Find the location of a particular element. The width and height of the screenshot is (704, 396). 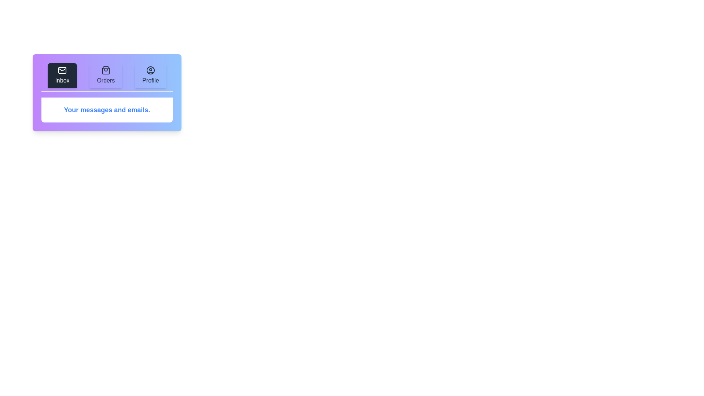

the tab labeled Profile to observe its hover effect is located at coordinates (150, 75).